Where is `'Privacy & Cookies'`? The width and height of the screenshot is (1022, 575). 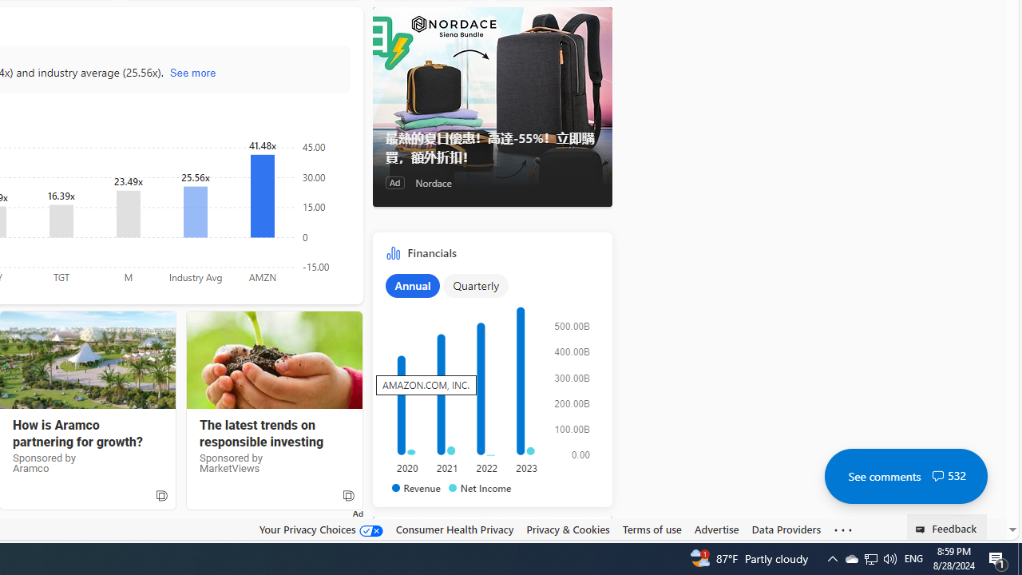 'Privacy & Cookies' is located at coordinates (568, 529).